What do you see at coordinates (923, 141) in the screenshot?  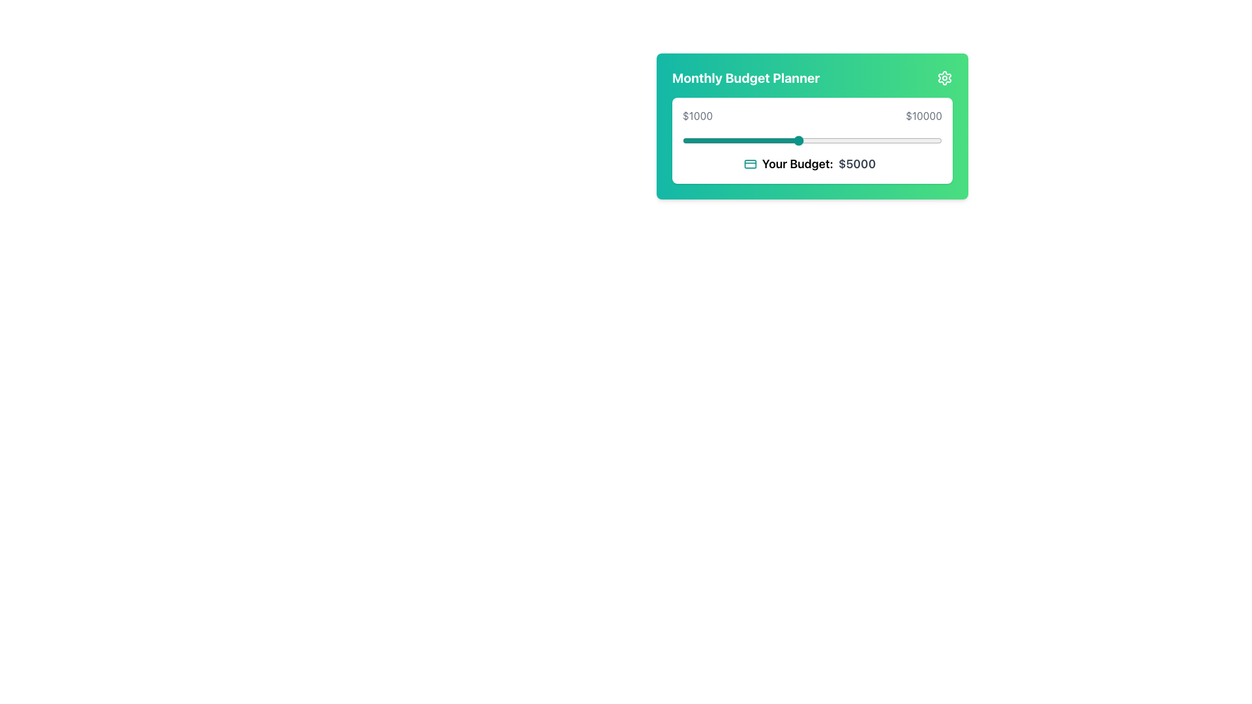 I see `the budget slider` at bounding box center [923, 141].